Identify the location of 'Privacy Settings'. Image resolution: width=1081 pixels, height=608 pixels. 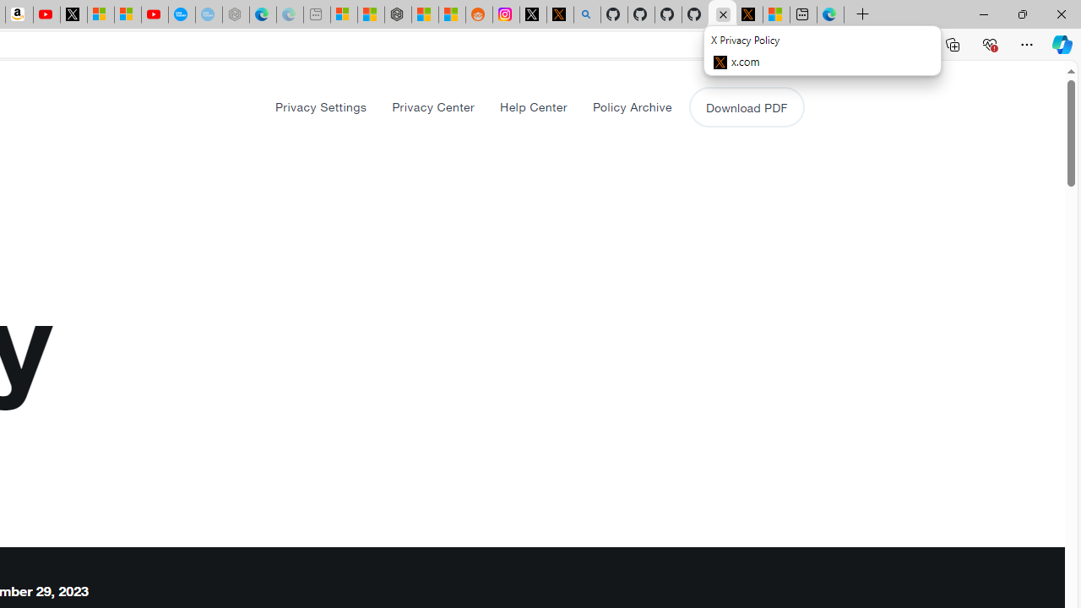
(321, 106).